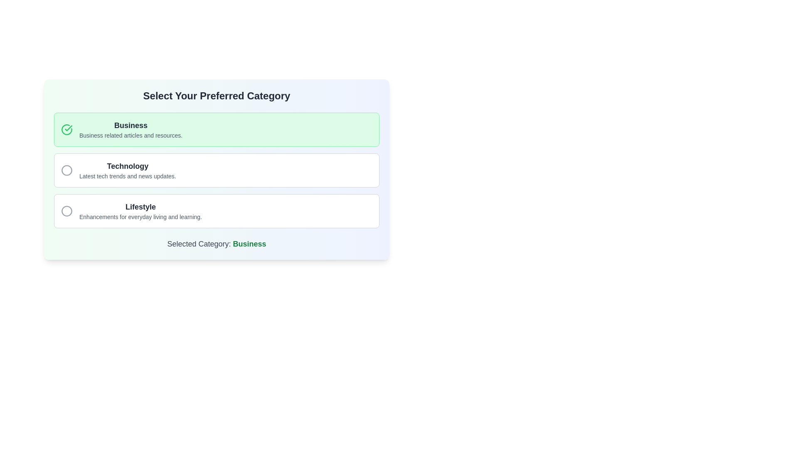  What do you see at coordinates (217, 170) in the screenshot?
I see `the 'Technology' category option in the selectable category list` at bounding box center [217, 170].